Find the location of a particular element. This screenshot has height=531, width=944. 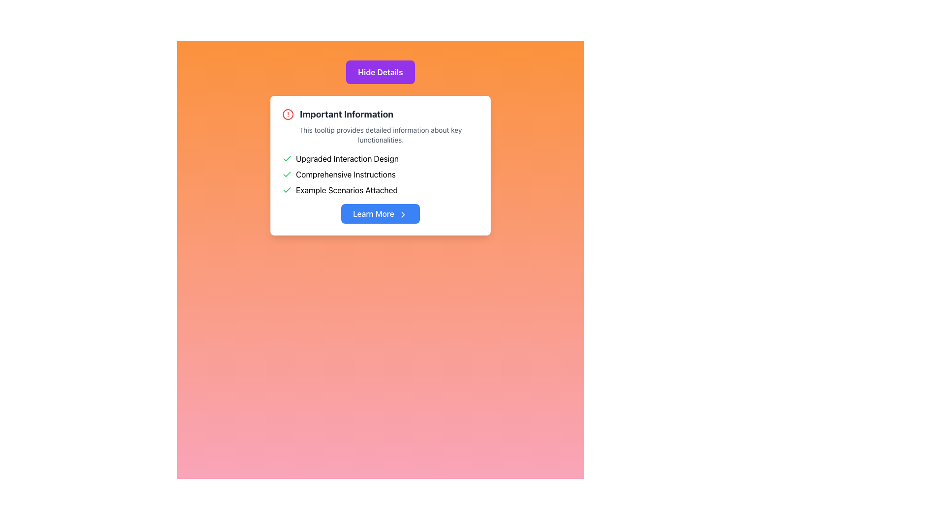

the green checkmark icon located to the left of the 'Comprehensive Instructions' text is located at coordinates (287, 174).